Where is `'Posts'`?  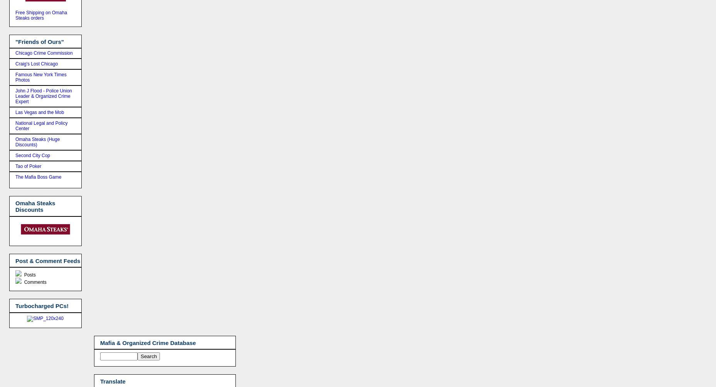
'Posts' is located at coordinates (22, 275).